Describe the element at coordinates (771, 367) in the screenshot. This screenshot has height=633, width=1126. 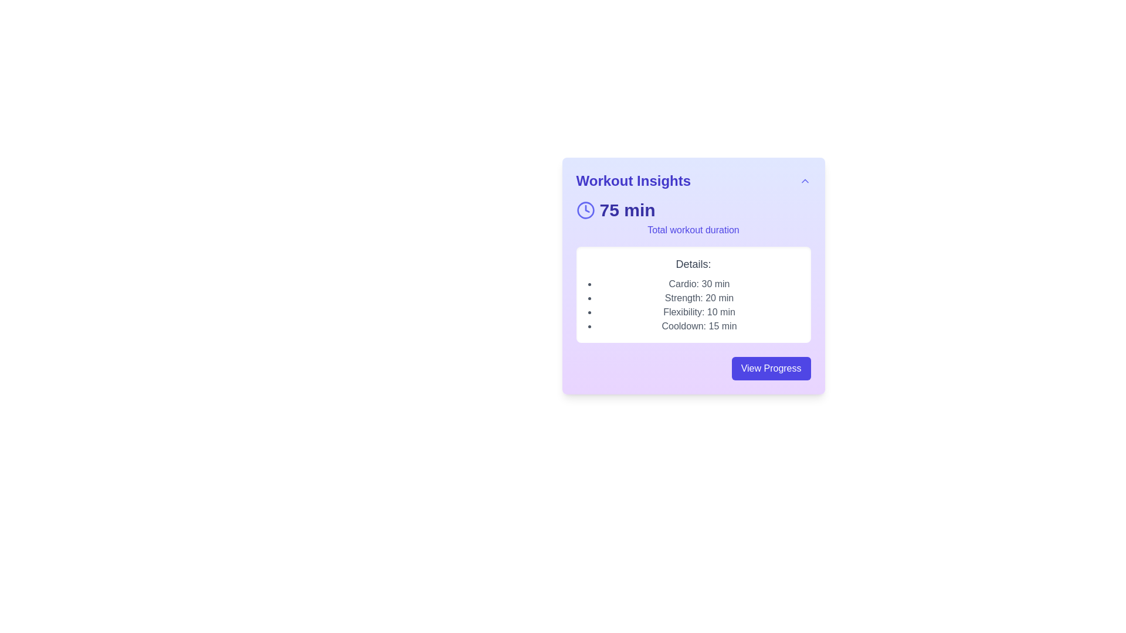
I see `the button located at the bottom-right corner of the 'Workout Insights' card` at that location.